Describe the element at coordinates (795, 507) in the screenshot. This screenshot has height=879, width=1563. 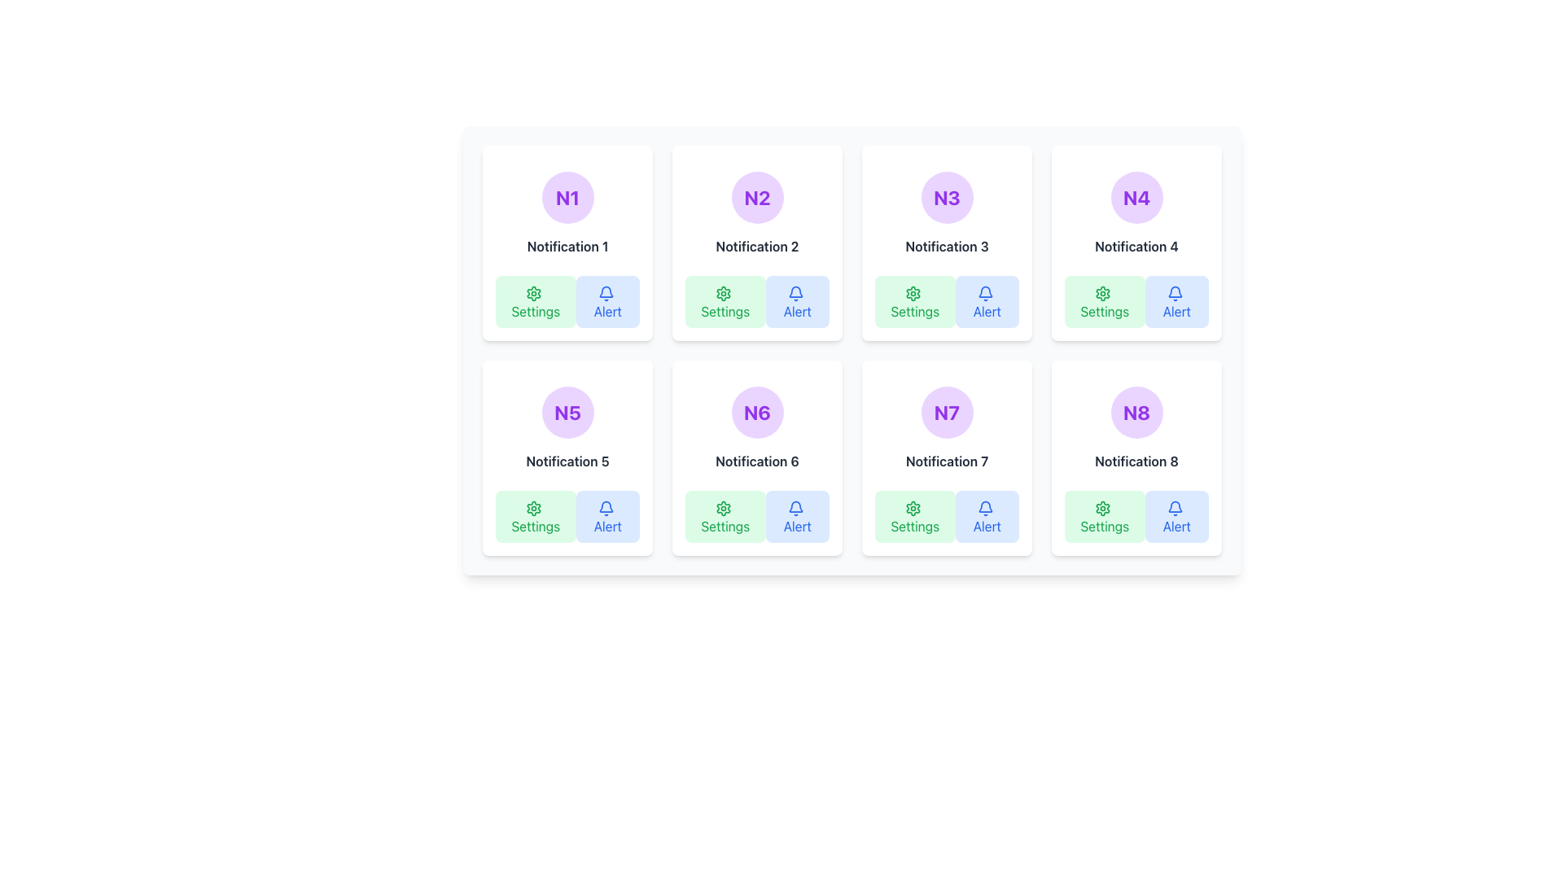
I see `the Notification icon, which is a bell icon with a blue outline, located within the 'Alert' button on the 'Notification 6' card` at that location.